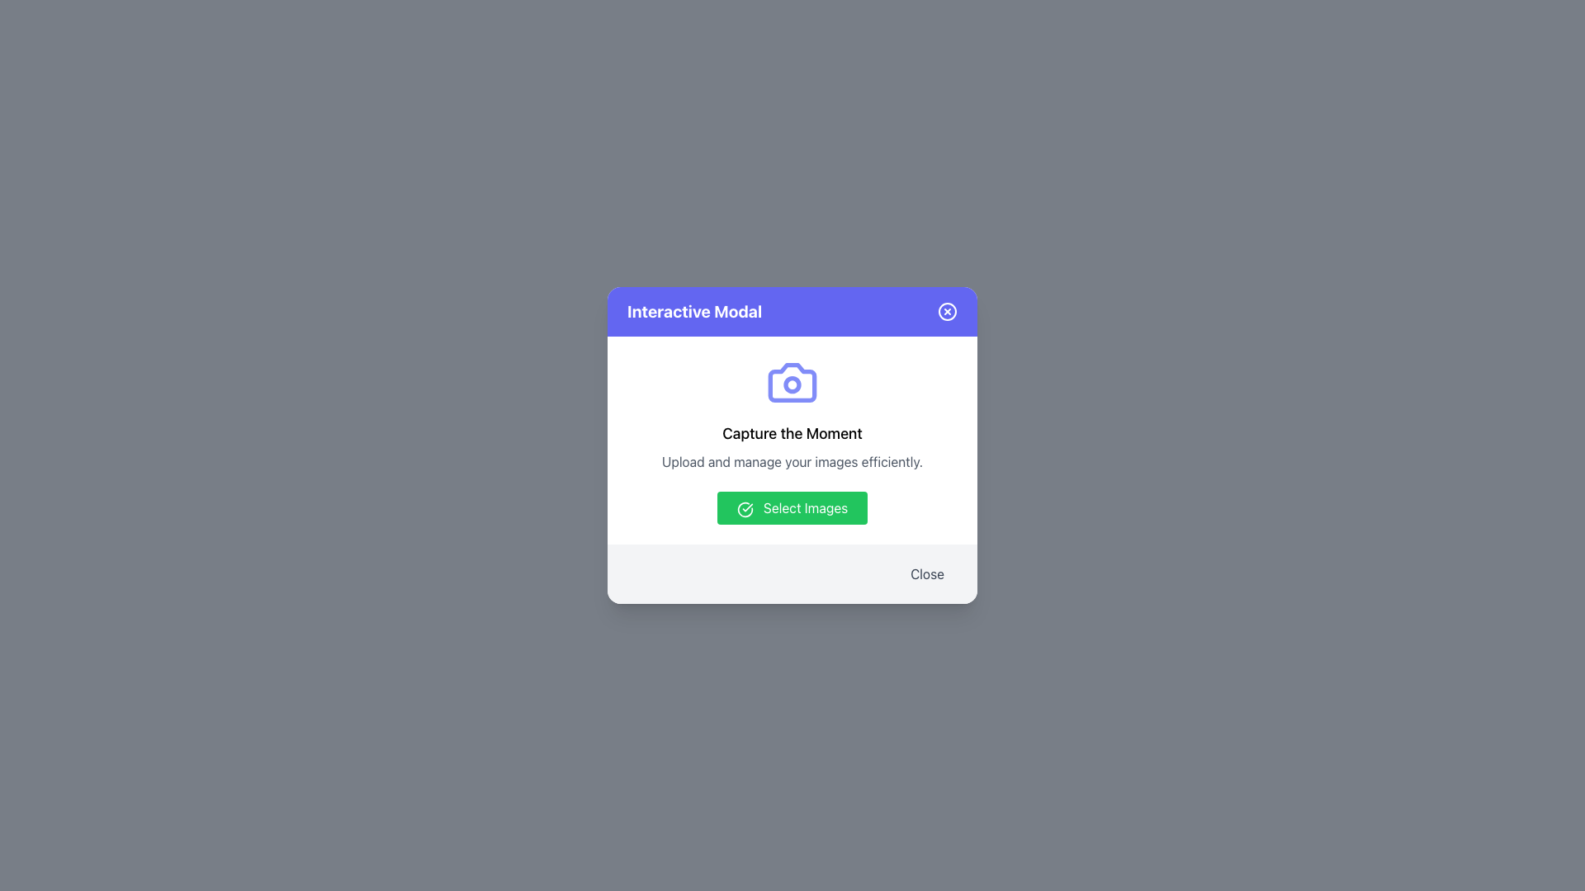  I want to click on the 'Select Images' button located at the bottom center of the modal, so click(792, 507).